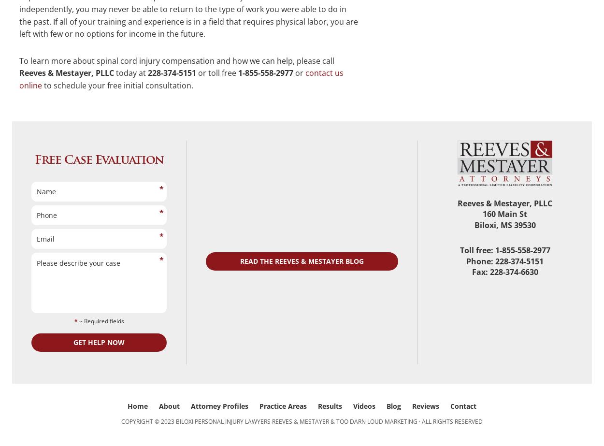 The height and width of the screenshot is (446, 604). I want to click on 'Videos', so click(364, 405).